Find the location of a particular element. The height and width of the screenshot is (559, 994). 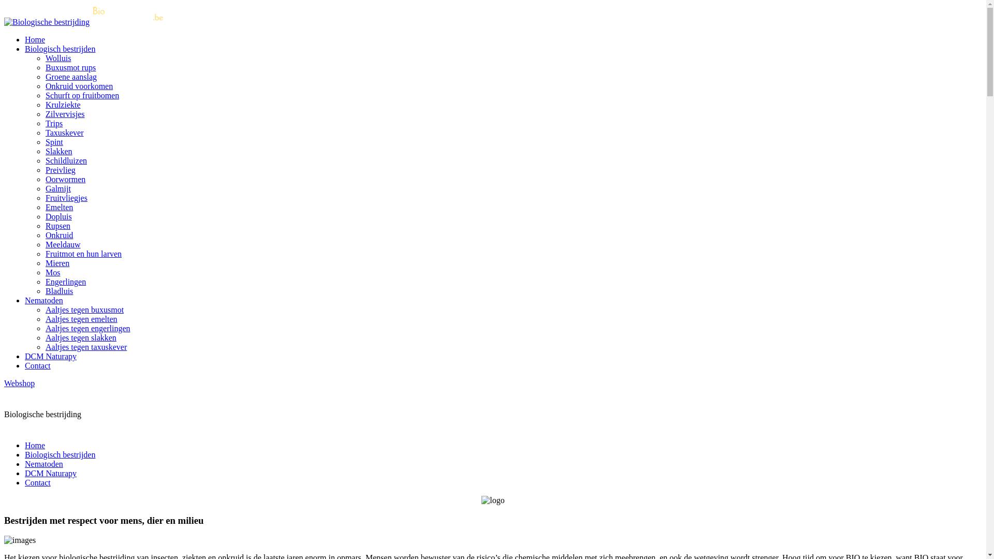

'Biologisch bestrijden' is located at coordinates (59, 49).